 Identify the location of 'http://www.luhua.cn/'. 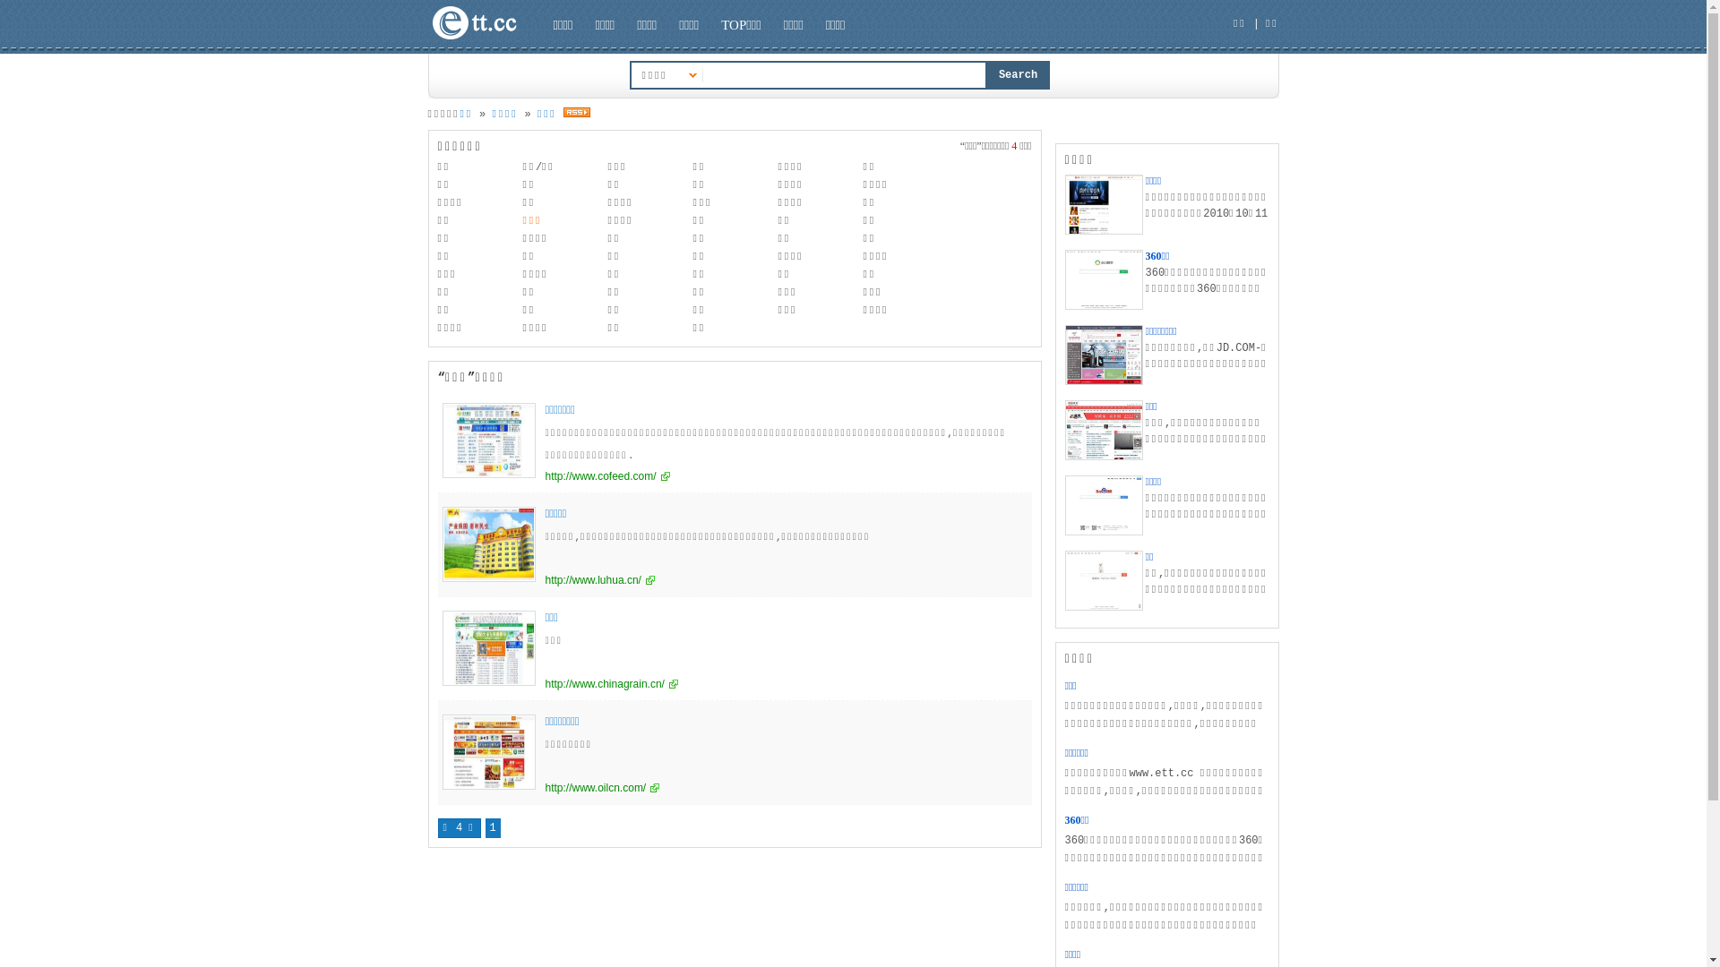
(544, 580).